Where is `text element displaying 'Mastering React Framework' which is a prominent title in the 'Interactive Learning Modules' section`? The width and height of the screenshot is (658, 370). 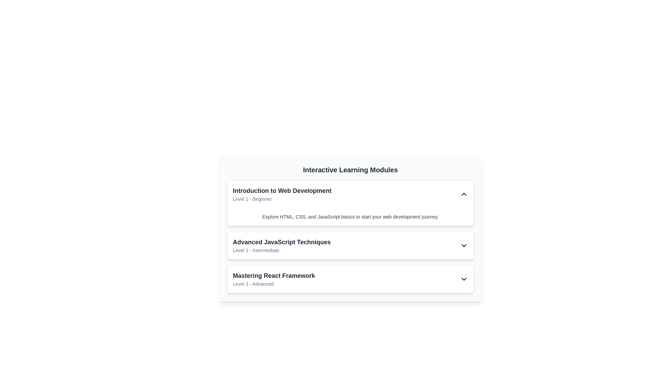
text element displaying 'Mastering React Framework' which is a prominent title in the 'Interactive Learning Modules' section is located at coordinates (273, 275).